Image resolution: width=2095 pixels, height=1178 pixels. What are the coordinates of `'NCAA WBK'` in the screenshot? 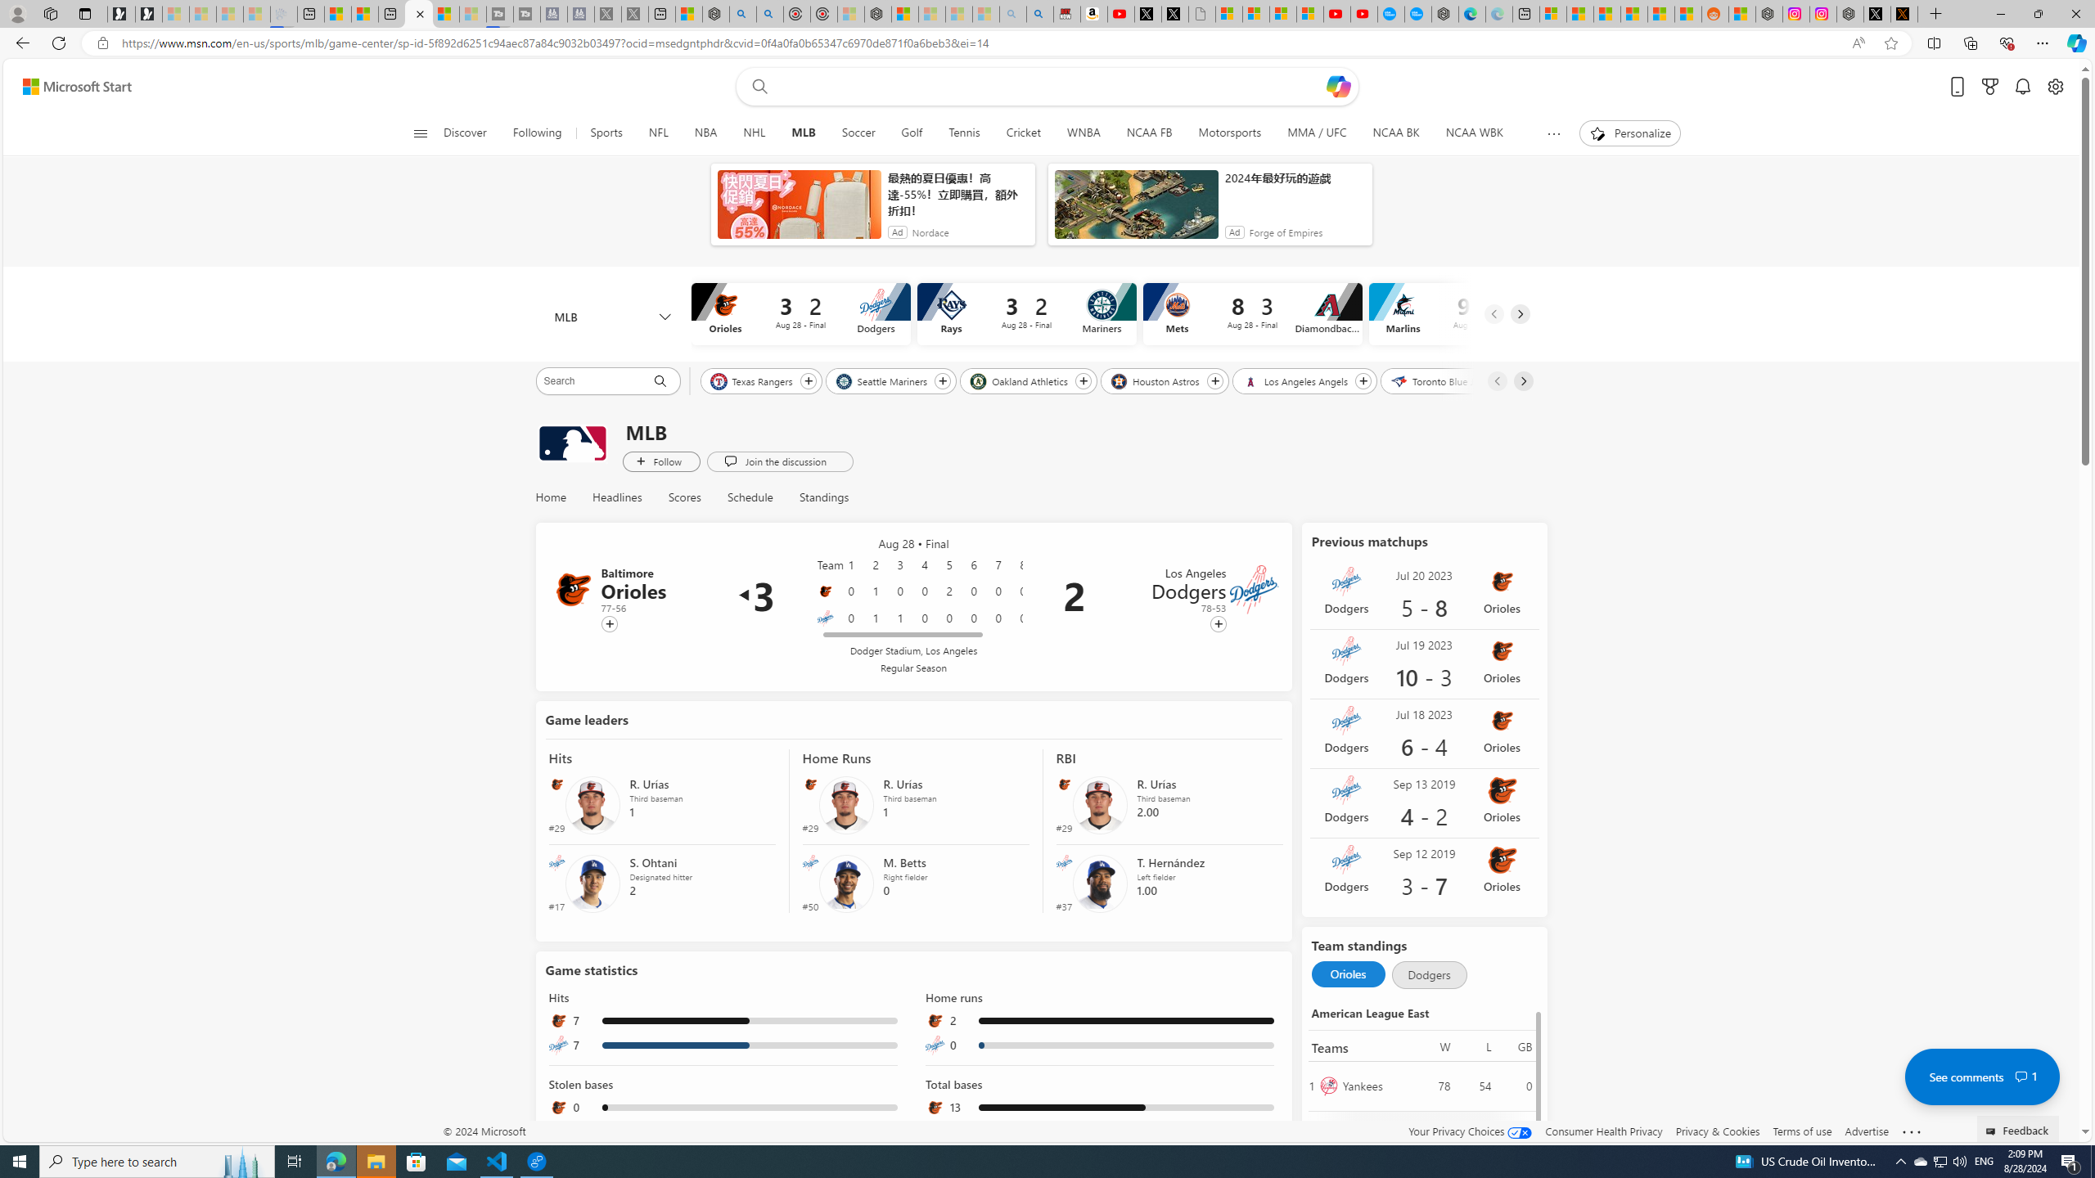 It's located at (1474, 133).